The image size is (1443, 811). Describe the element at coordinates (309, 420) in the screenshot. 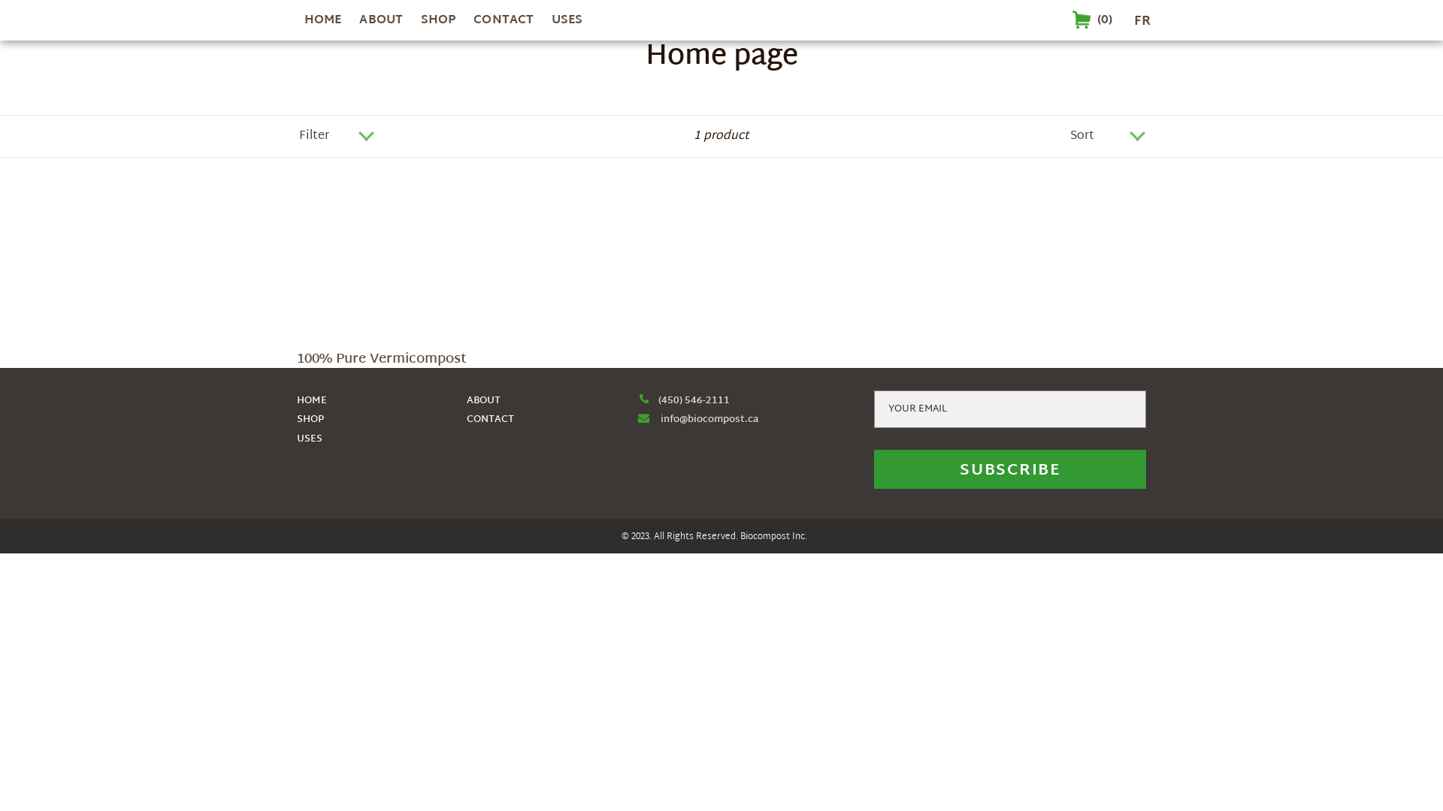

I see `'SHOP'` at that location.